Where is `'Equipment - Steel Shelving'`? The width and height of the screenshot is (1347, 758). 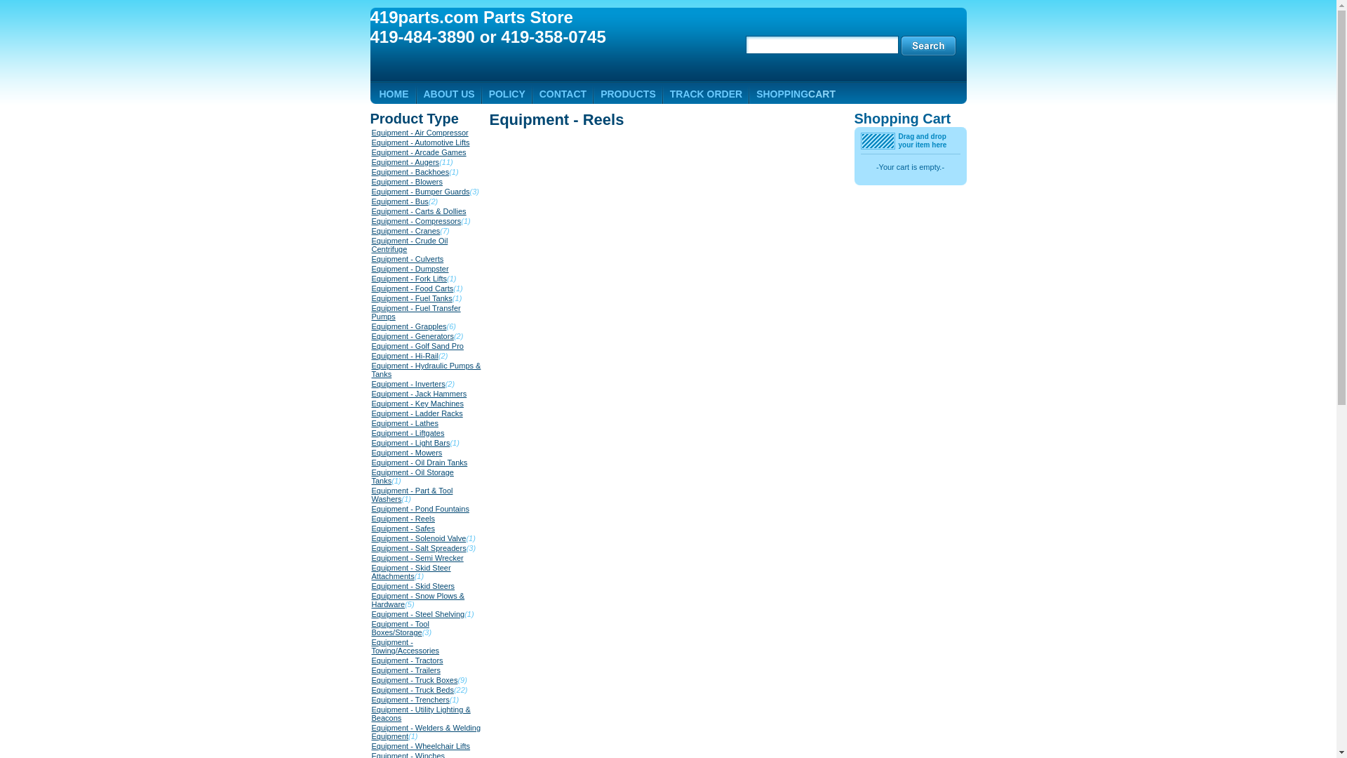 'Equipment - Steel Shelving' is located at coordinates (417, 613).